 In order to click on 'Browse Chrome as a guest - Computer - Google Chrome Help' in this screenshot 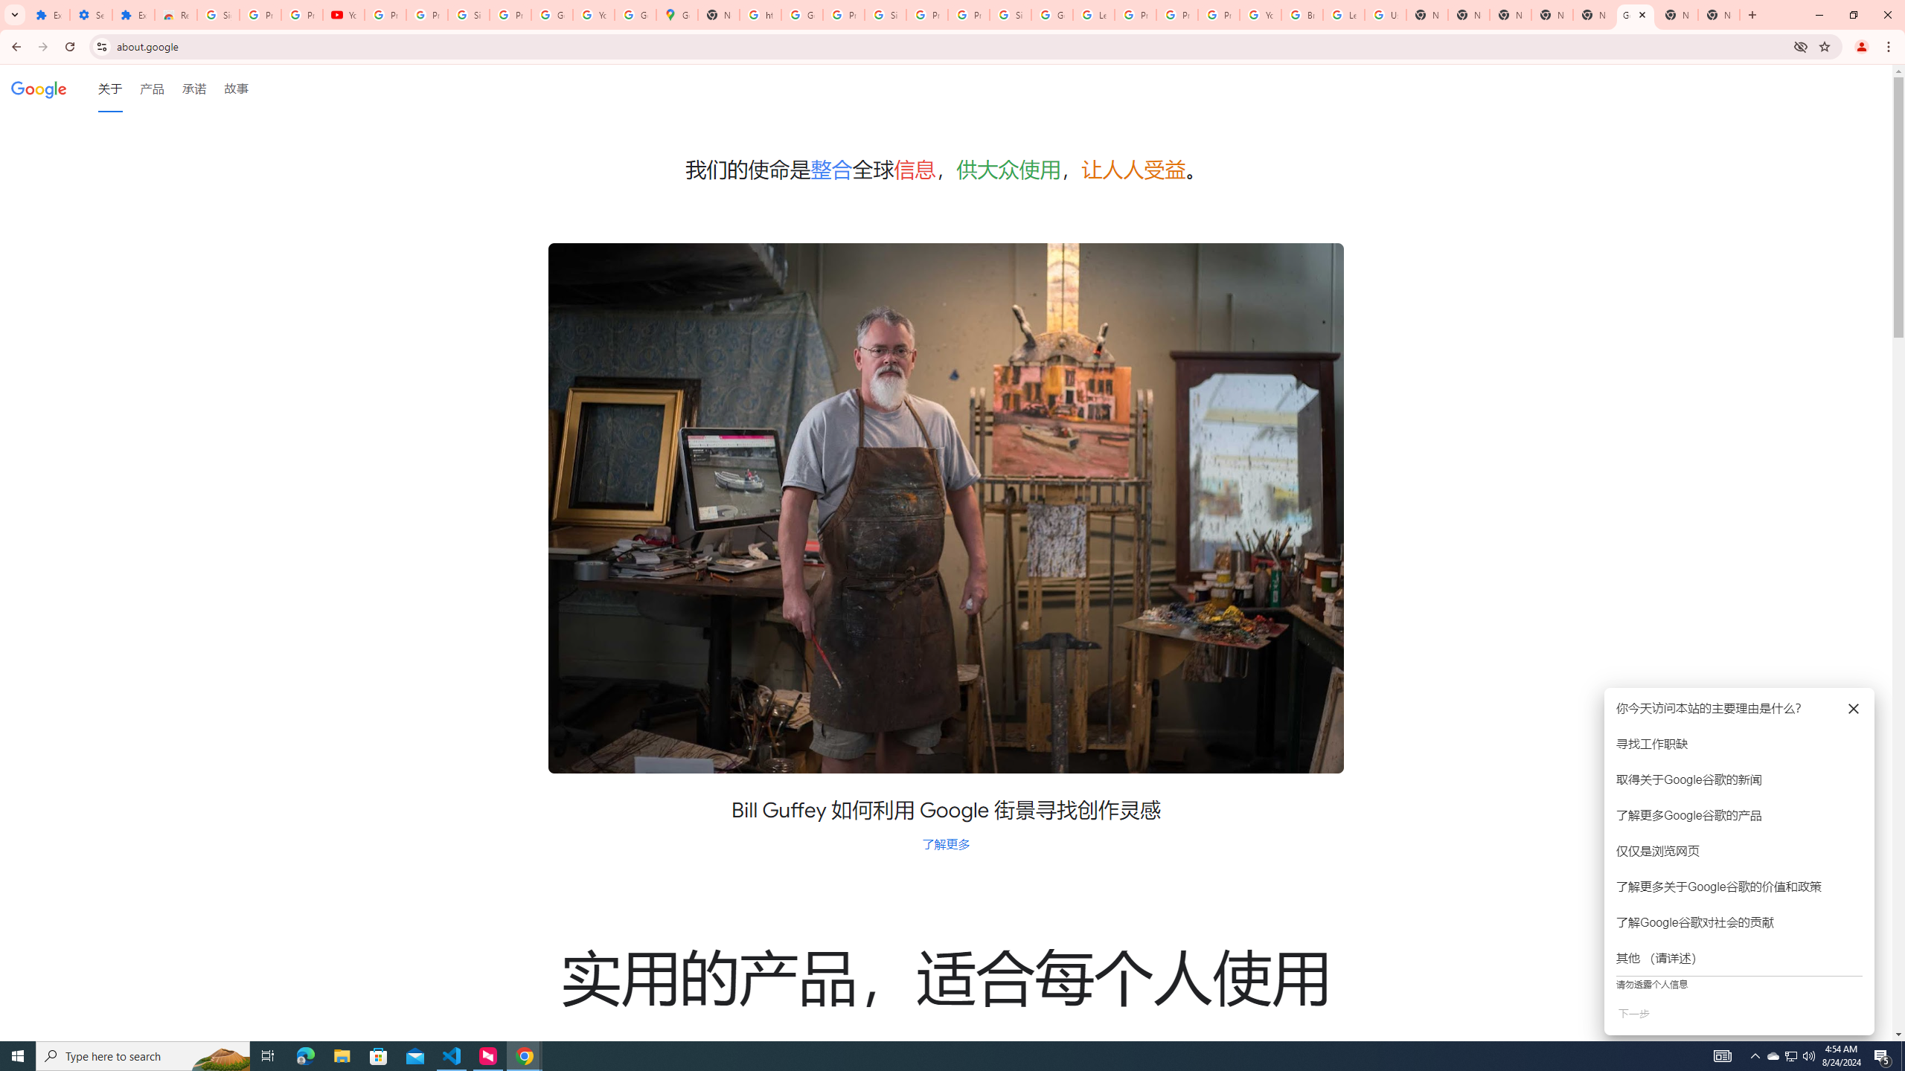, I will do `click(1301, 14)`.